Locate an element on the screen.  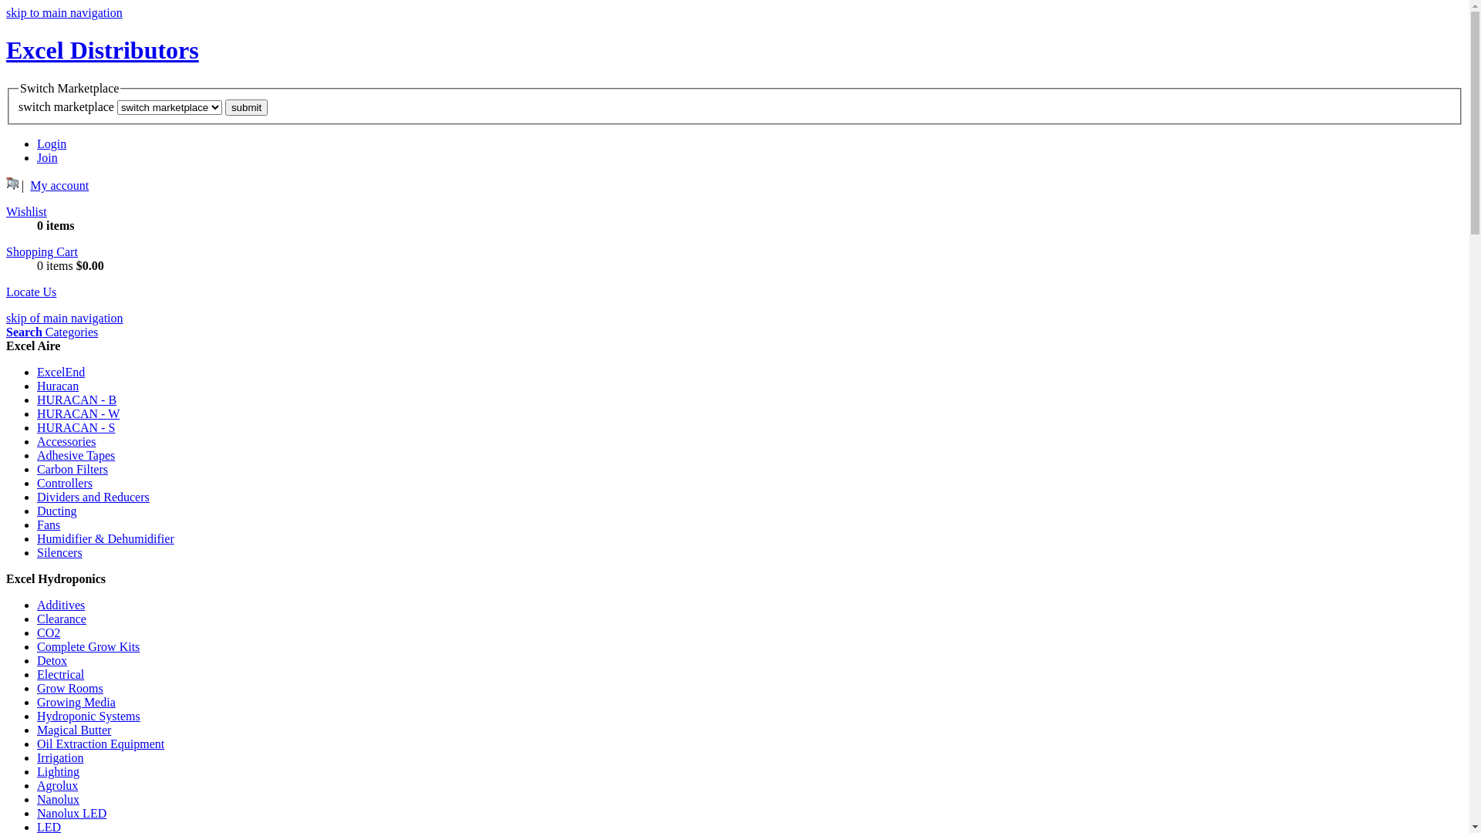
'Clearance' is located at coordinates (62, 618).